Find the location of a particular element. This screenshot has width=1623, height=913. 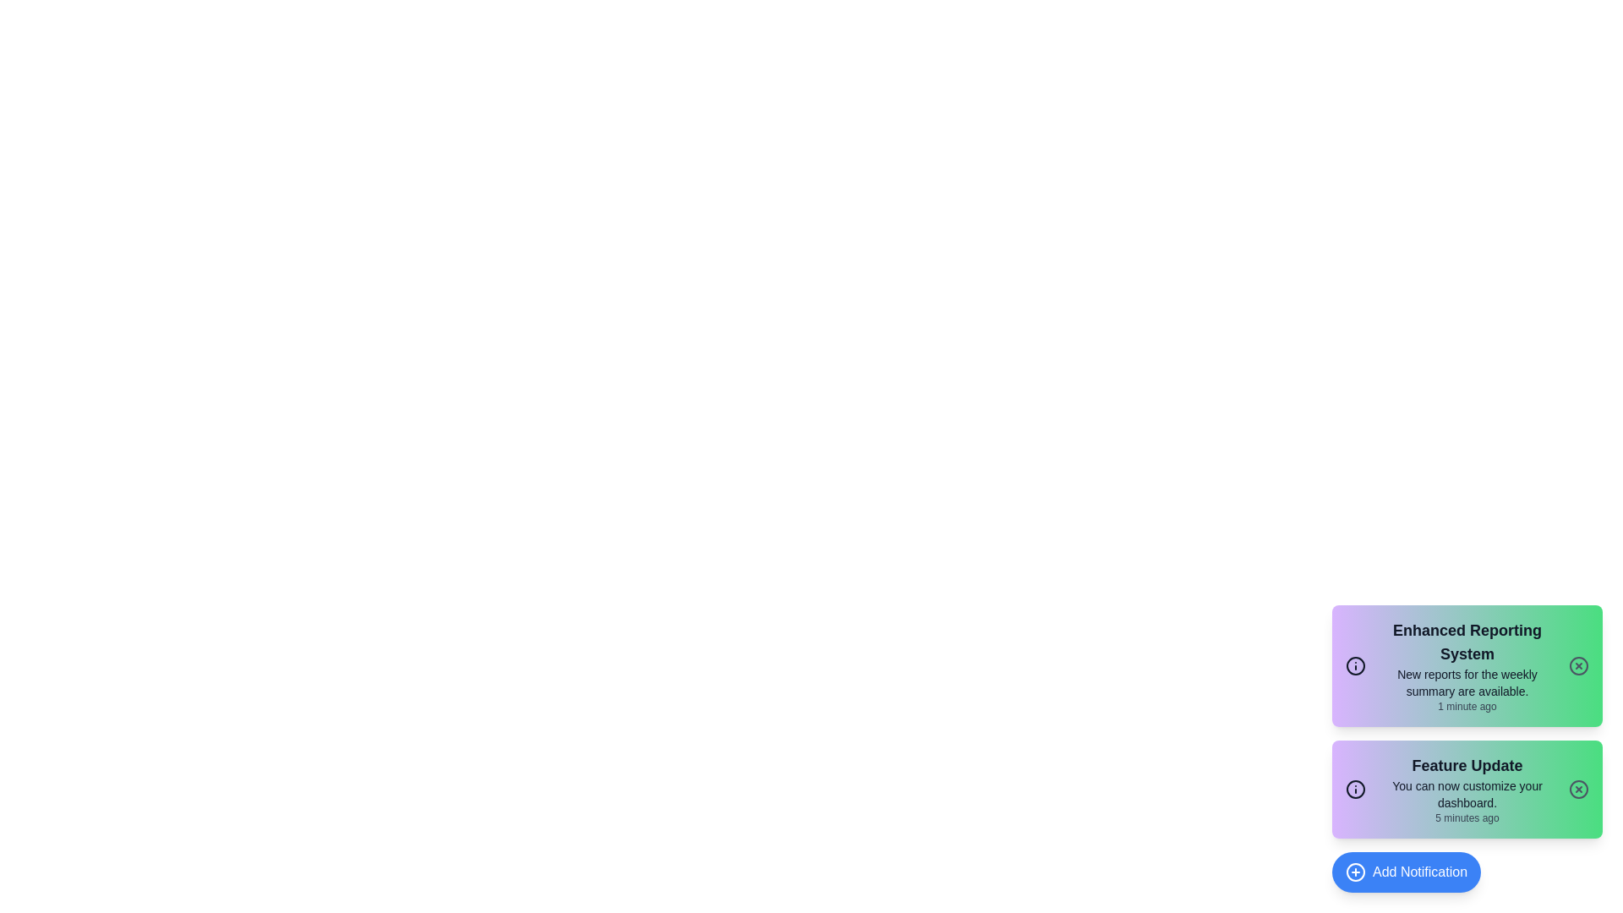

the 'Add Notification' button to trigger a new notification is located at coordinates (1407, 872).